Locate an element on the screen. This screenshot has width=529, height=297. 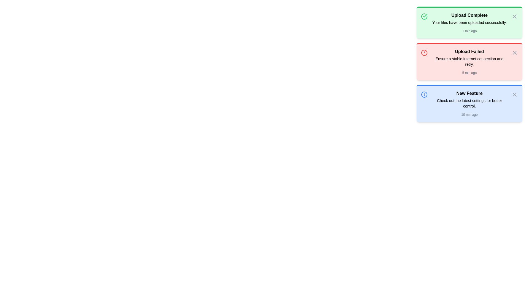
the Text Label containing the content 'Check out the latest settings for better control.' which is styled with a smaller font size and located below the title 'New Feature.' is located at coordinates (469, 103).